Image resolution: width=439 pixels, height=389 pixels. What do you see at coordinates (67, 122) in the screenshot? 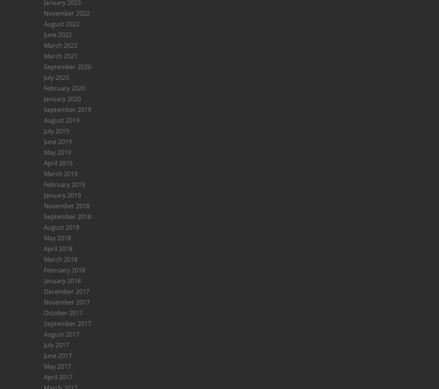
I see `'Why, The Flower'` at bounding box center [67, 122].